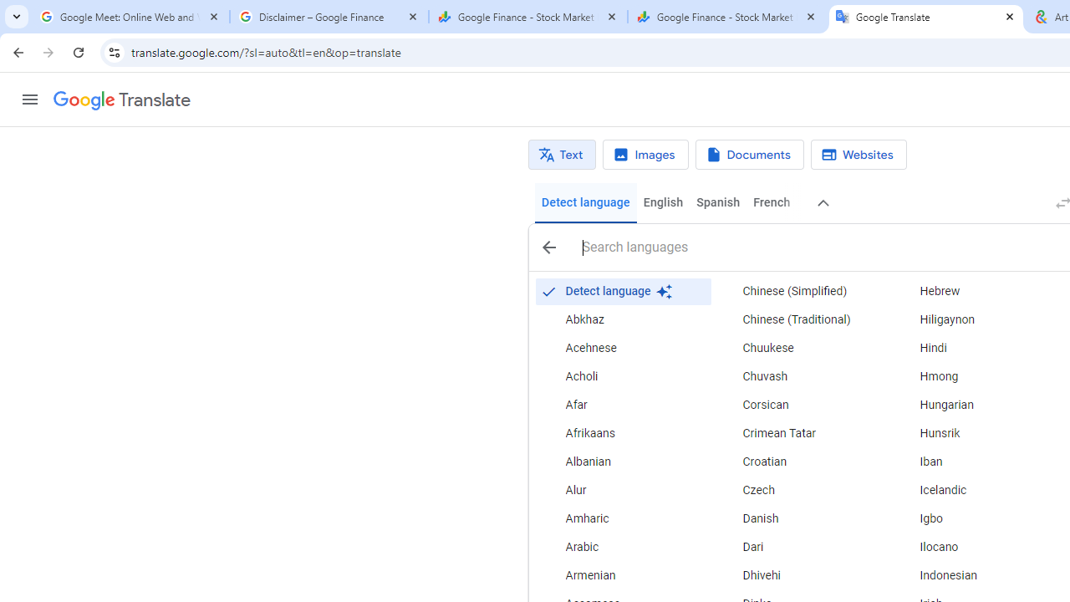  I want to click on 'Igbo', so click(977, 518).